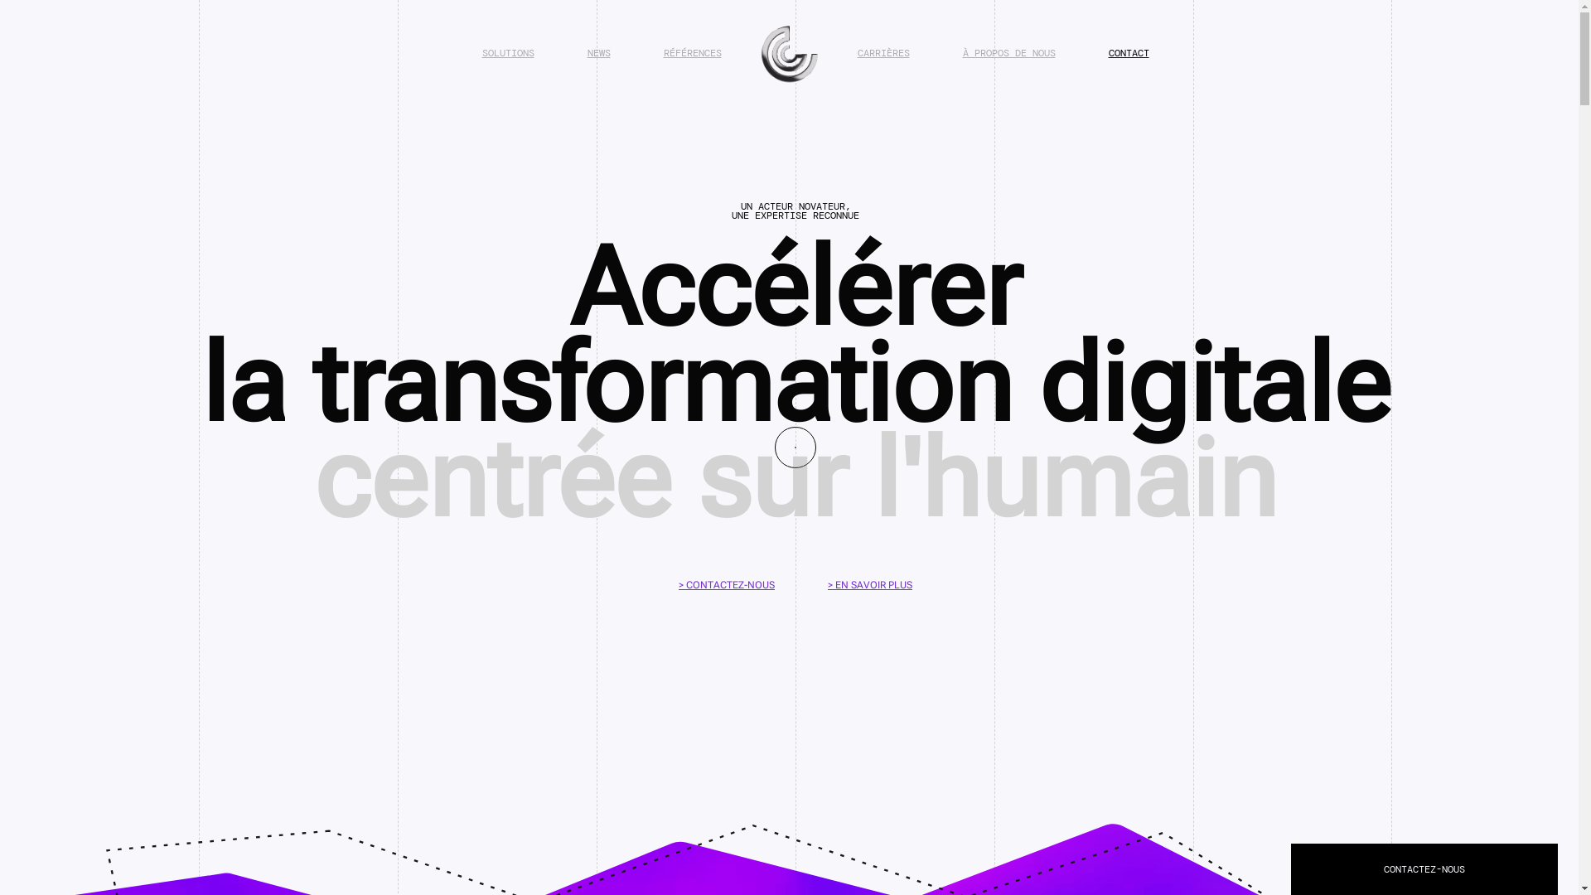 This screenshot has height=895, width=1591. I want to click on 'CONTACT', so click(1128, 52).